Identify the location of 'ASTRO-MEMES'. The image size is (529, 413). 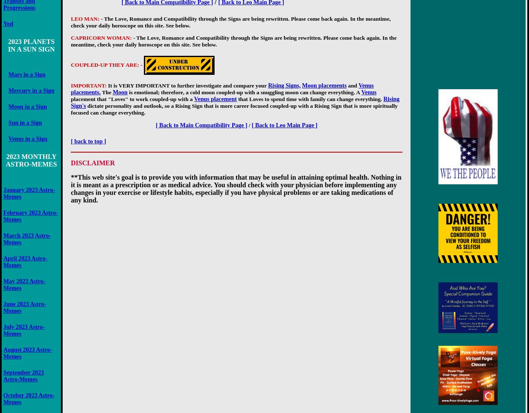
(30, 164).